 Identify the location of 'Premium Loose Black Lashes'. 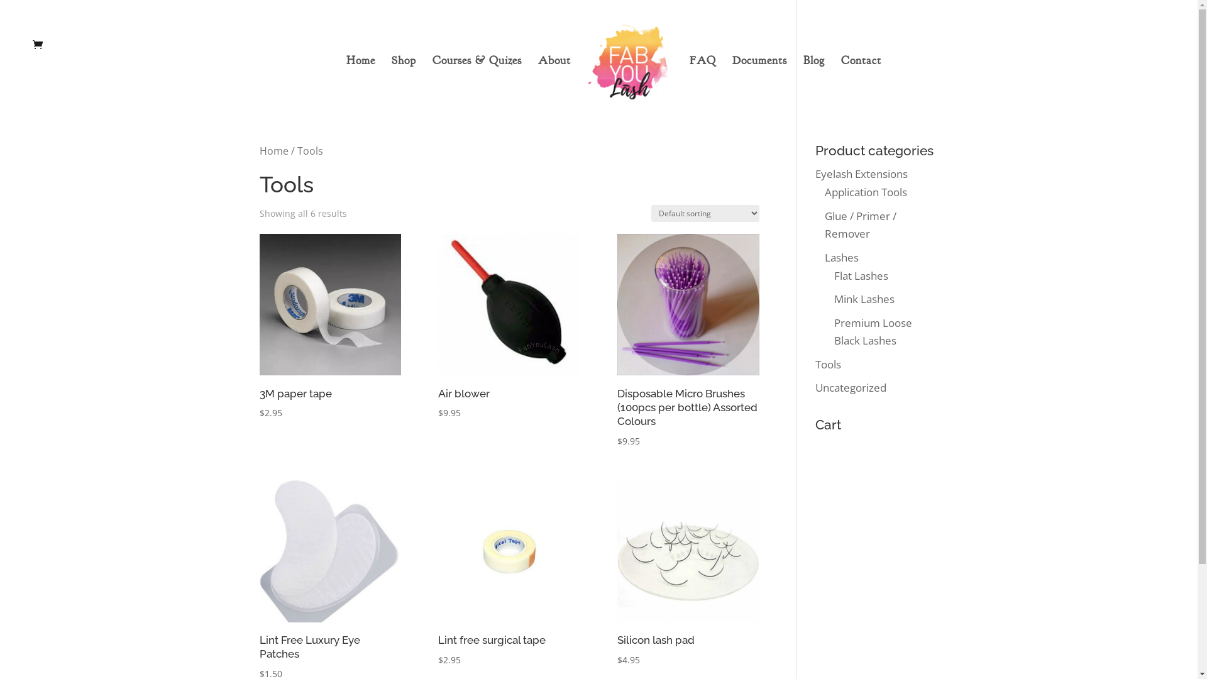
(872, 331).